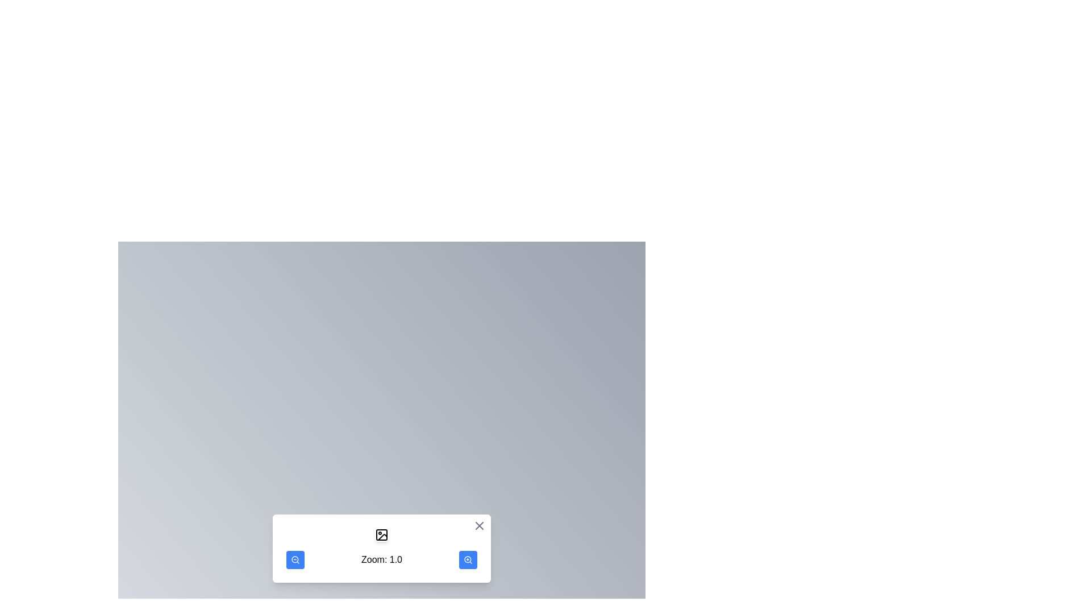 The image size is (1091, 614). What do you see at coordinates (468, 559) in the screenshot?
I see `the zoom-in icon button located at the bottom-left corner of the control panel` at bounding box center [468, 559].